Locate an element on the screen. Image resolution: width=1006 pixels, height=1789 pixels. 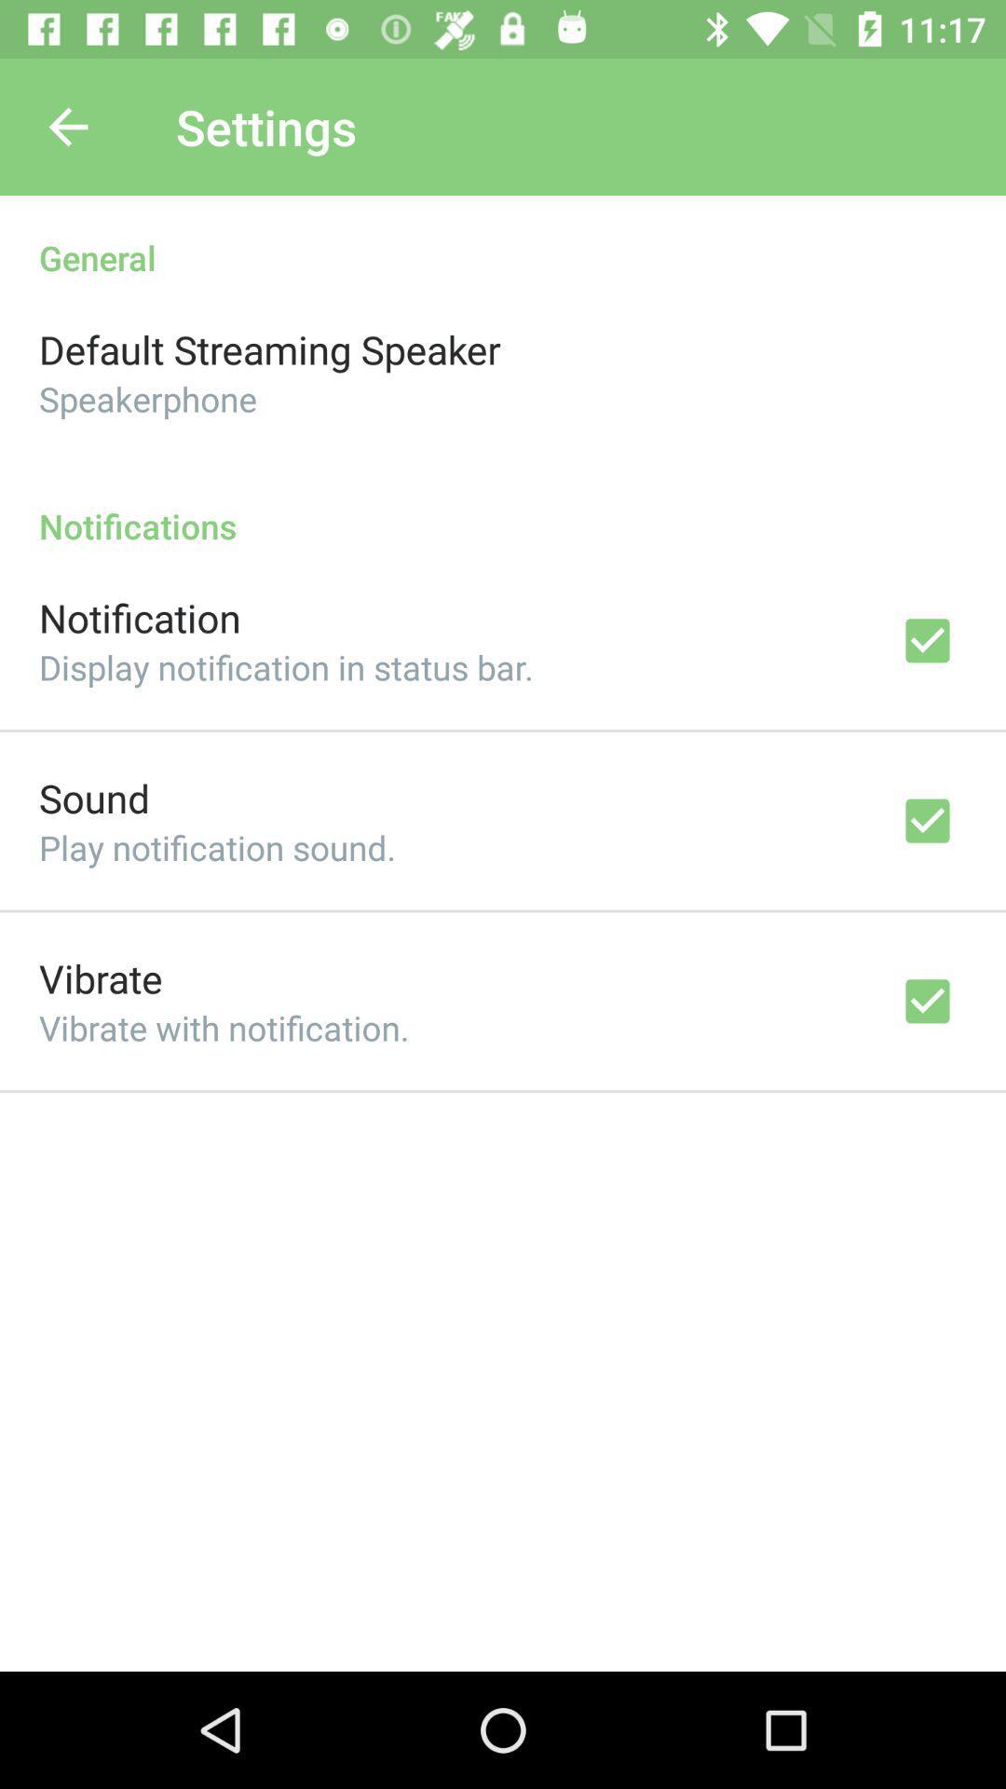
the vibrate with notification. icon is located at coordinates (223, 1027).